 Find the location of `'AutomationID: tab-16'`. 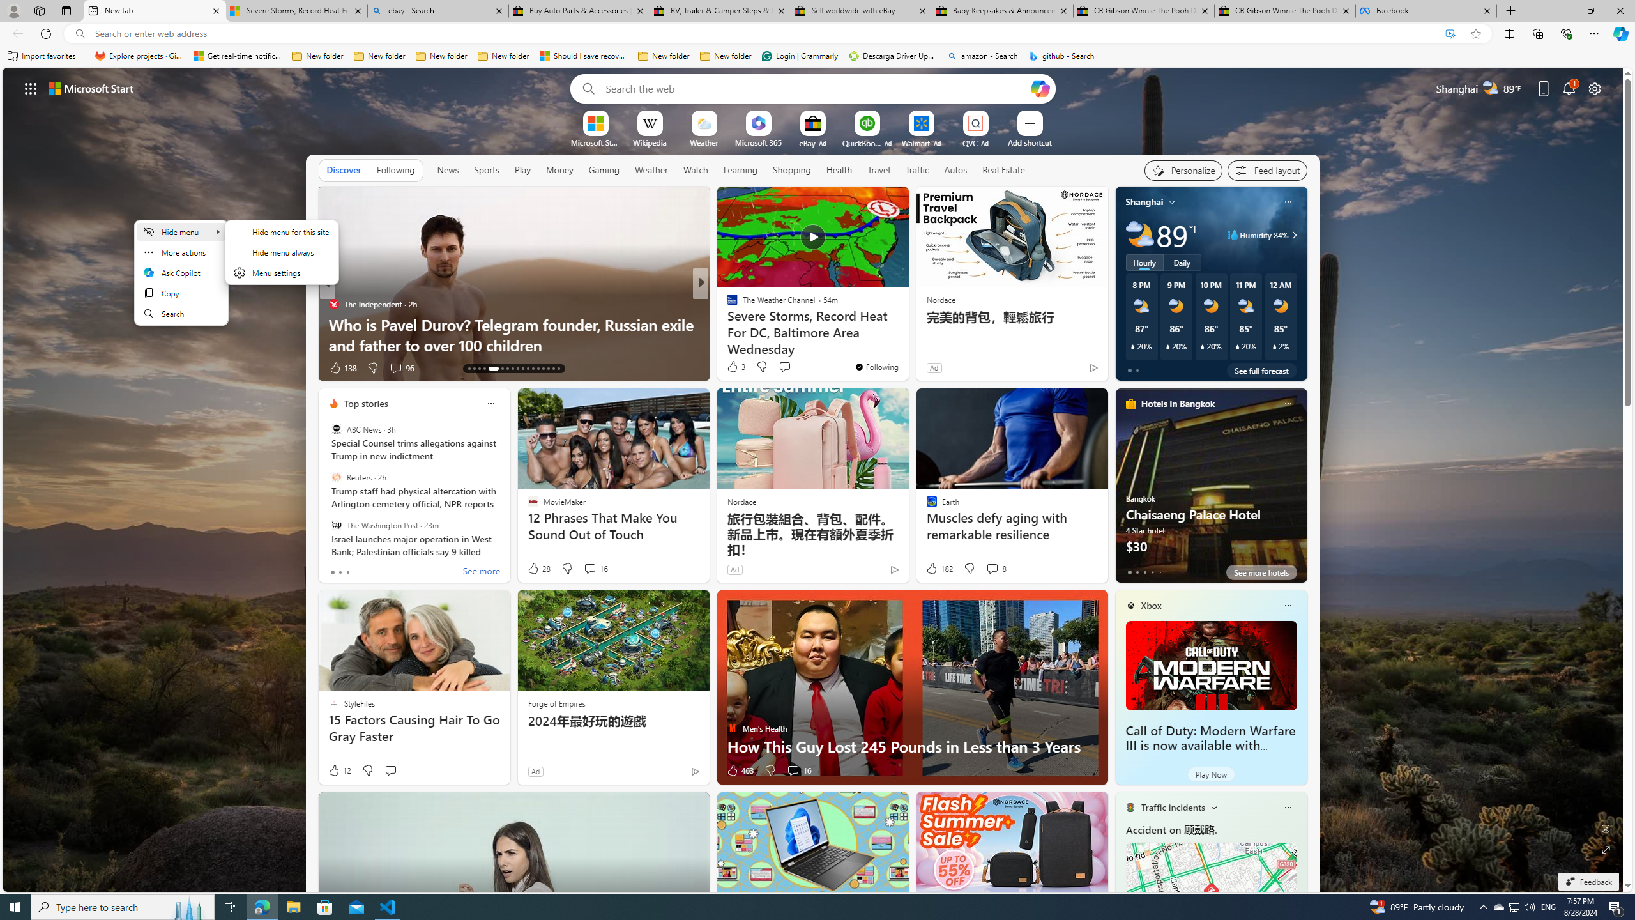

'AutomationID: tab-16' is located at coordinates (484, 369).